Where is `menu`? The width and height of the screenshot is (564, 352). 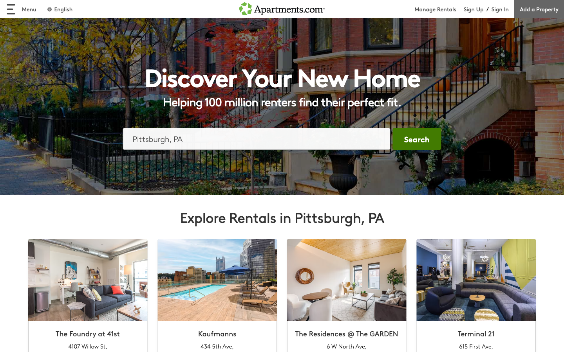
menu is located at coordinates (21, 9).